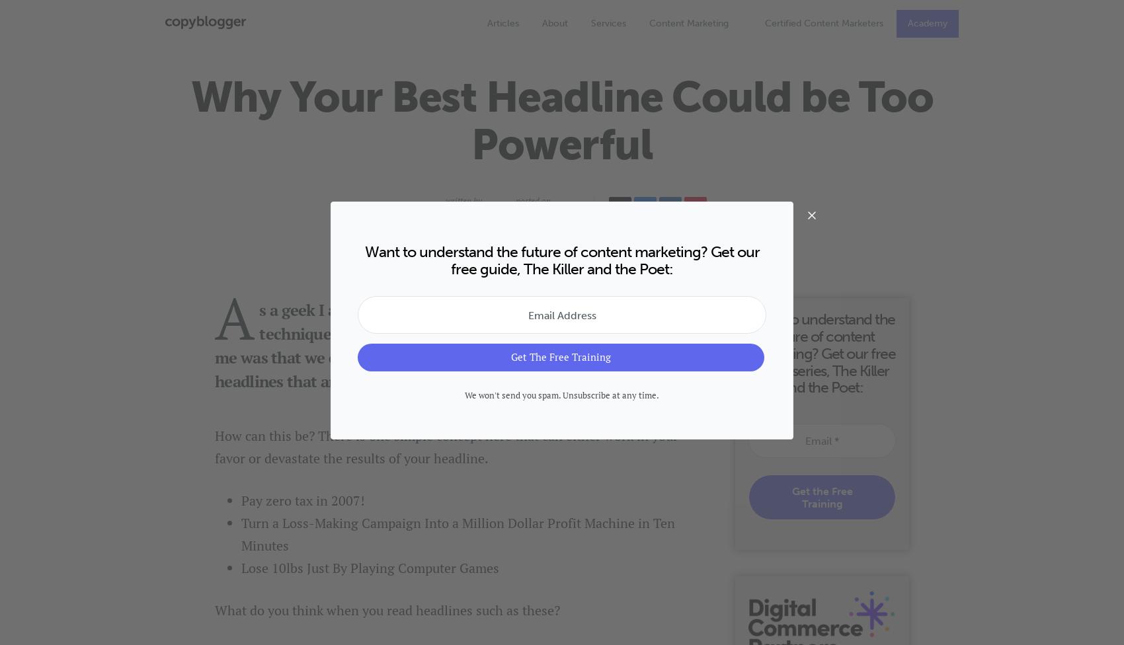 This screenshot has height=645, width=1124. Describe the element at coordinates (561, 120) in the screenshot. I see `'Why Your Best Headline Could be Too Powerful'` at that location.